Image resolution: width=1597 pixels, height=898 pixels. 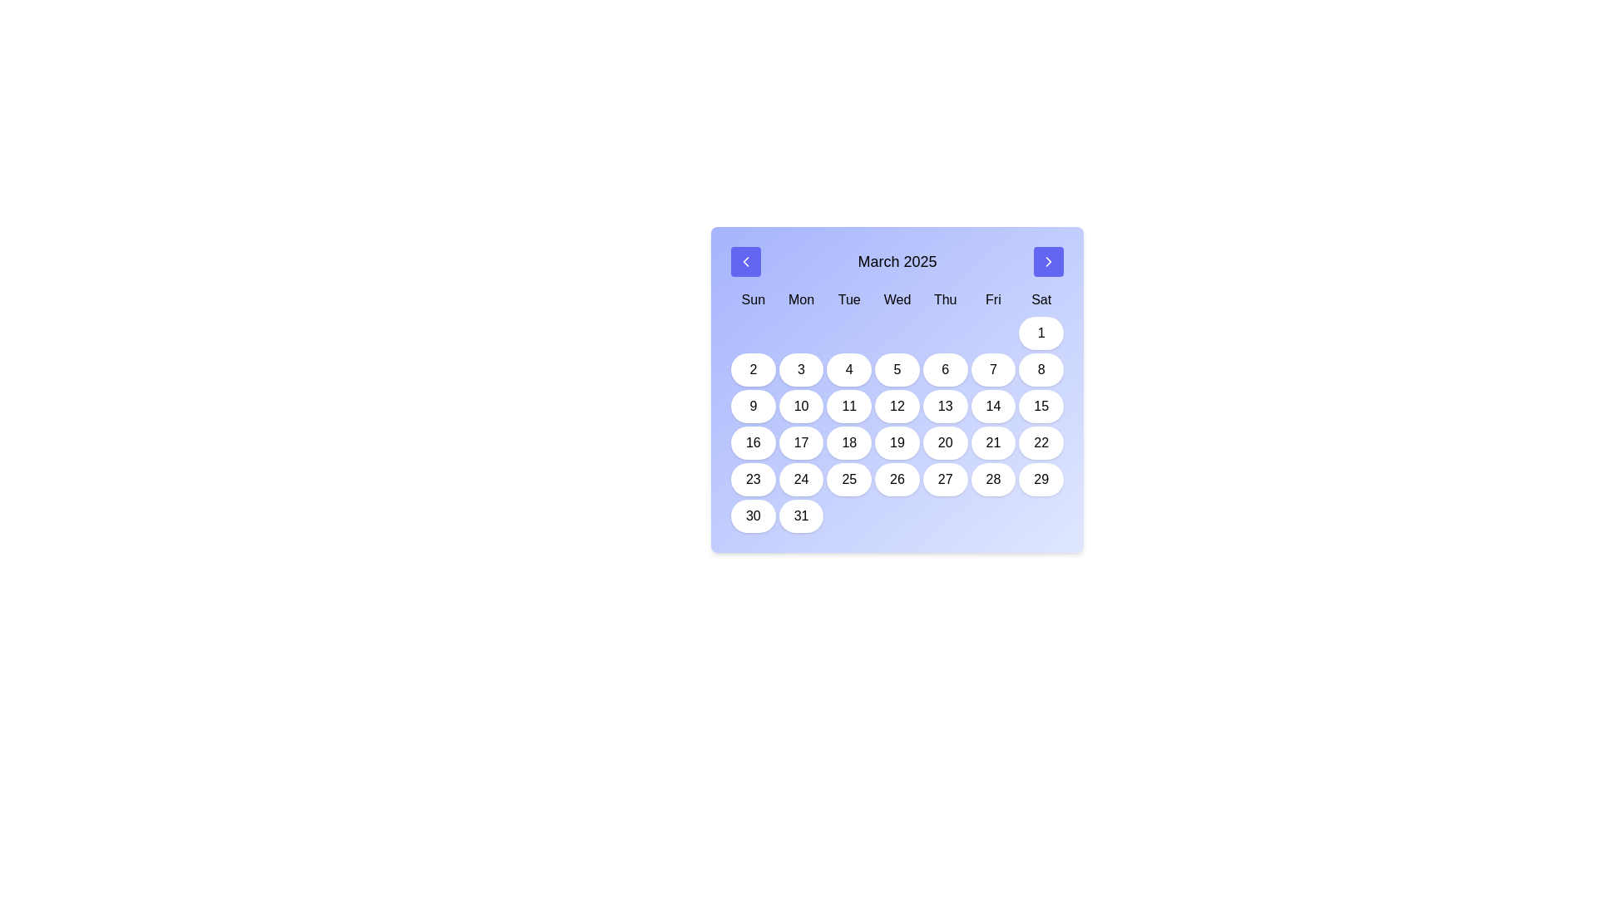 What do you see at coordinates (801, 407) in the screenshot?
I see `the selectable day button for the 10th in the calendar interface` at bounding box center [801, 407].